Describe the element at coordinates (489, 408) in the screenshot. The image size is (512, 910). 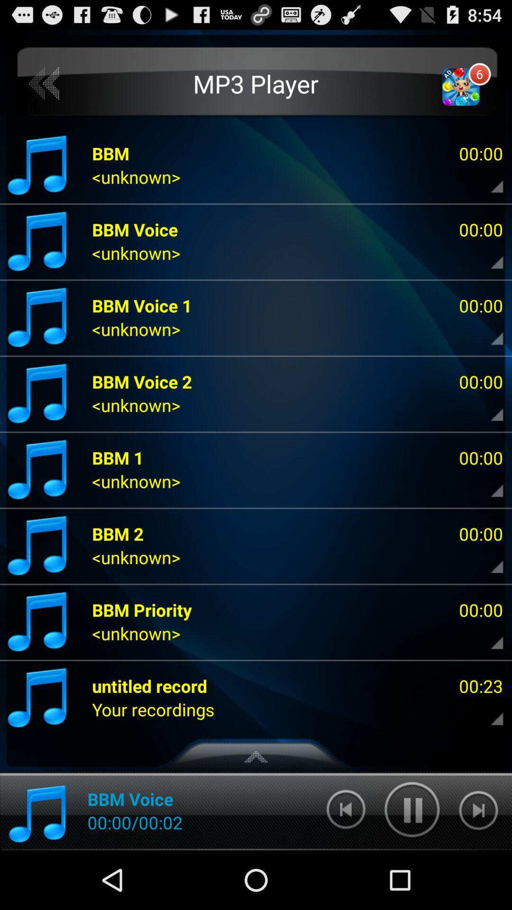
I see `more info` at that location.